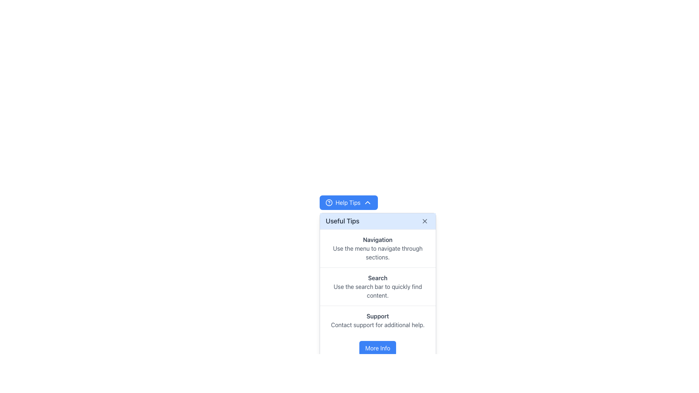 The width and height of the screenshot is (699, 393). What do you see at coordinates (378, 248) in the screenshot?
I see `the Informational panel item located in the 'Useful Tips' panel, which provides guidance on using the menu for navigation` at bounding box center [378, 248].